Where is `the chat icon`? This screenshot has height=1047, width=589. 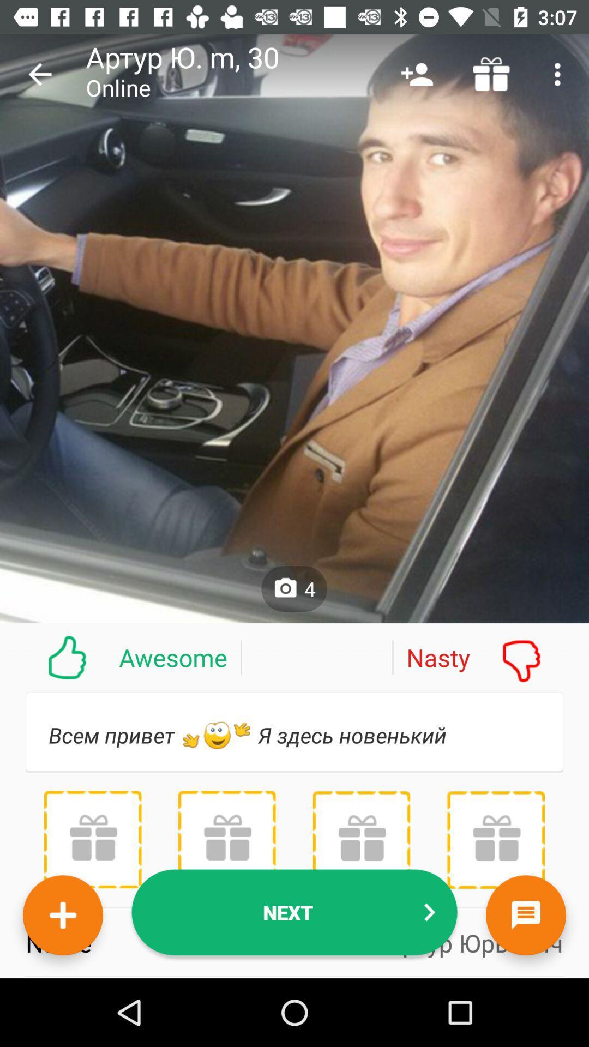
the chat icon is located at coordinates (525, 915).